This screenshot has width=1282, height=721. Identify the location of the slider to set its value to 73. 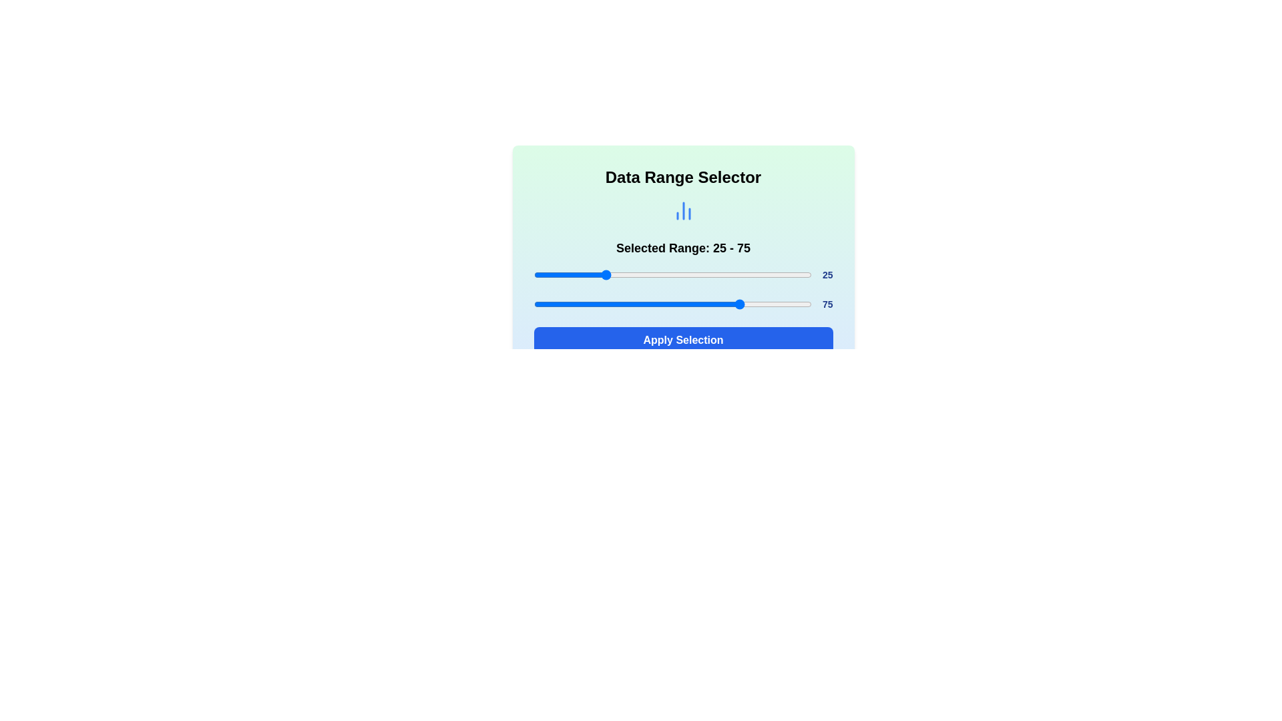
(736, 274).